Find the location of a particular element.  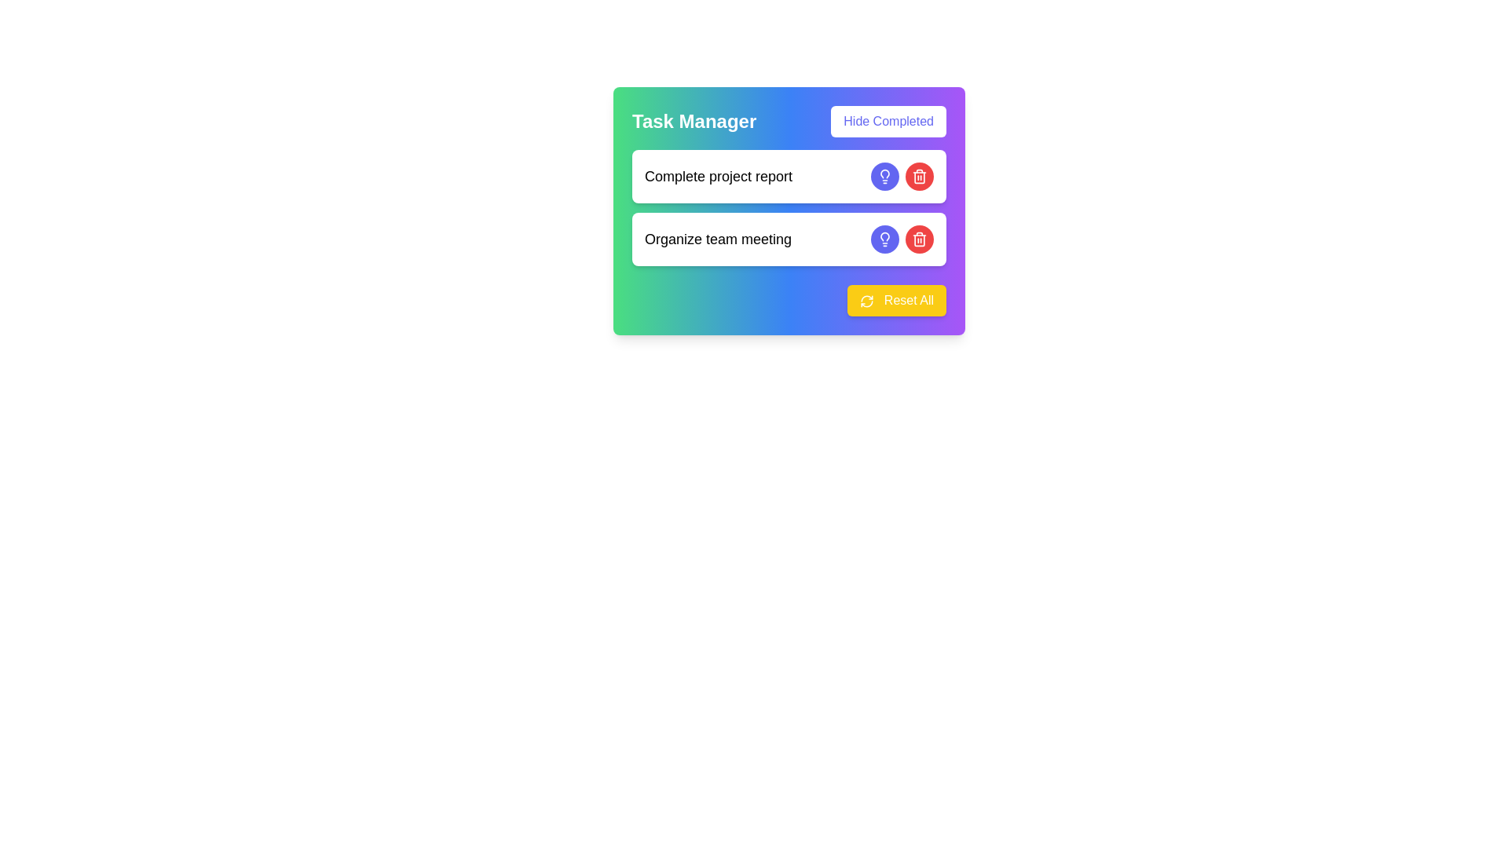

the 'Reset All' button located at the bottom right corner of the task management panel is located at coordinates (866, 301).